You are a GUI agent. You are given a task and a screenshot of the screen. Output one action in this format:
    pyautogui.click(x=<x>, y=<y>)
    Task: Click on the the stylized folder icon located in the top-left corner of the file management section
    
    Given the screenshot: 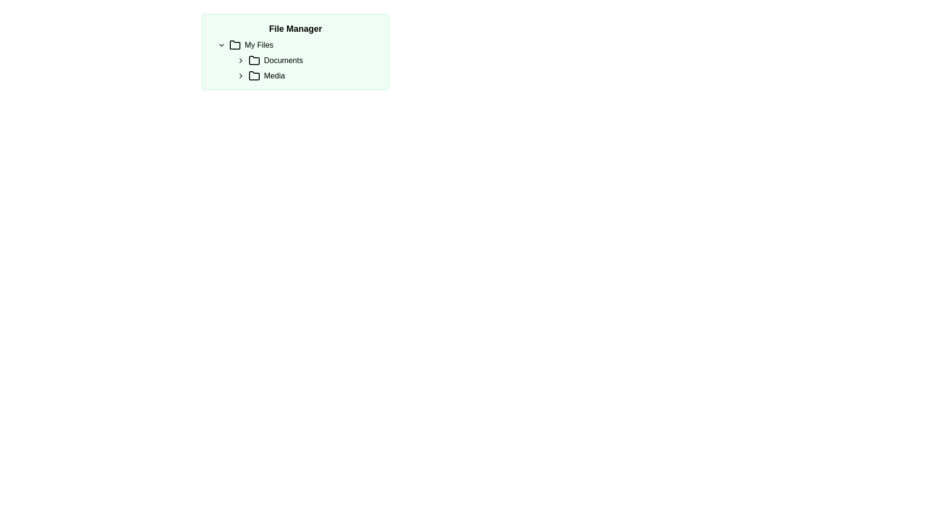 What is the action you would take?
    pyautogui.click(x=235, y=45)
    